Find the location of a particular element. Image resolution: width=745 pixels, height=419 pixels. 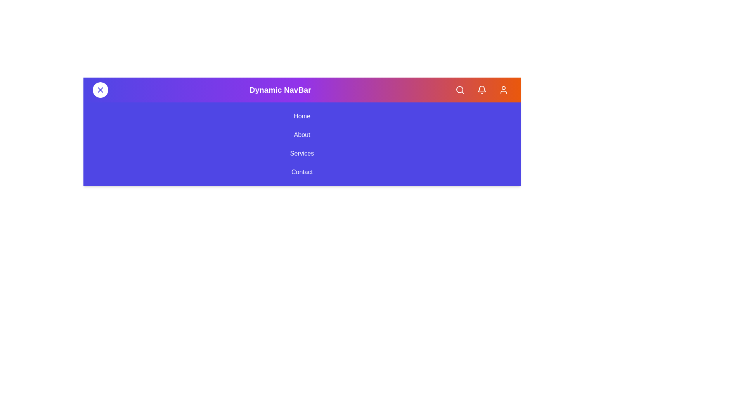

the Notifications button in the app bar is located at coordinates (482, 89).